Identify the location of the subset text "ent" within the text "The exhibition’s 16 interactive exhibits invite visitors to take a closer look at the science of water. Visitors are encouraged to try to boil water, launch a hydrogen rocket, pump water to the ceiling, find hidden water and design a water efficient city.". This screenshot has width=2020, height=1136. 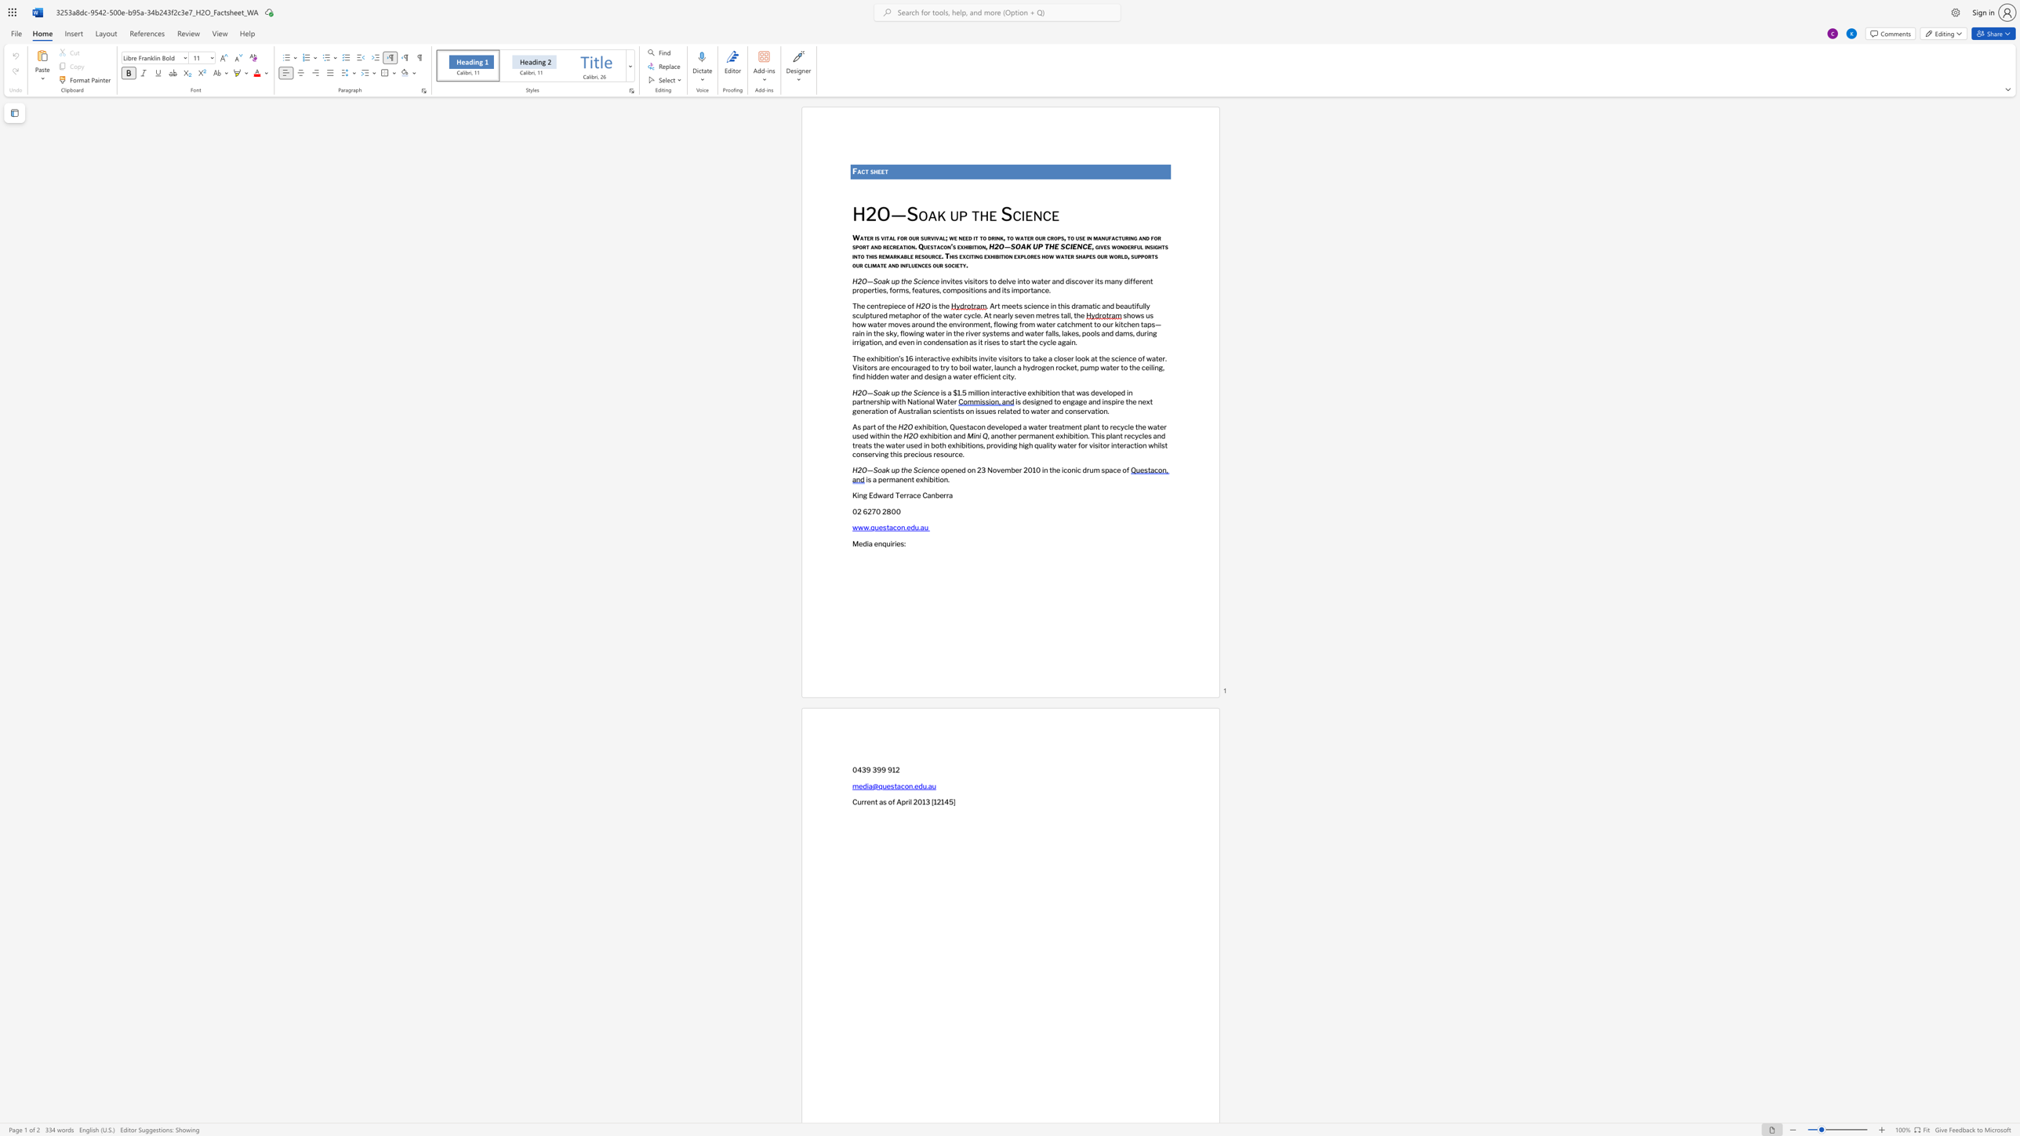
(989, 376).